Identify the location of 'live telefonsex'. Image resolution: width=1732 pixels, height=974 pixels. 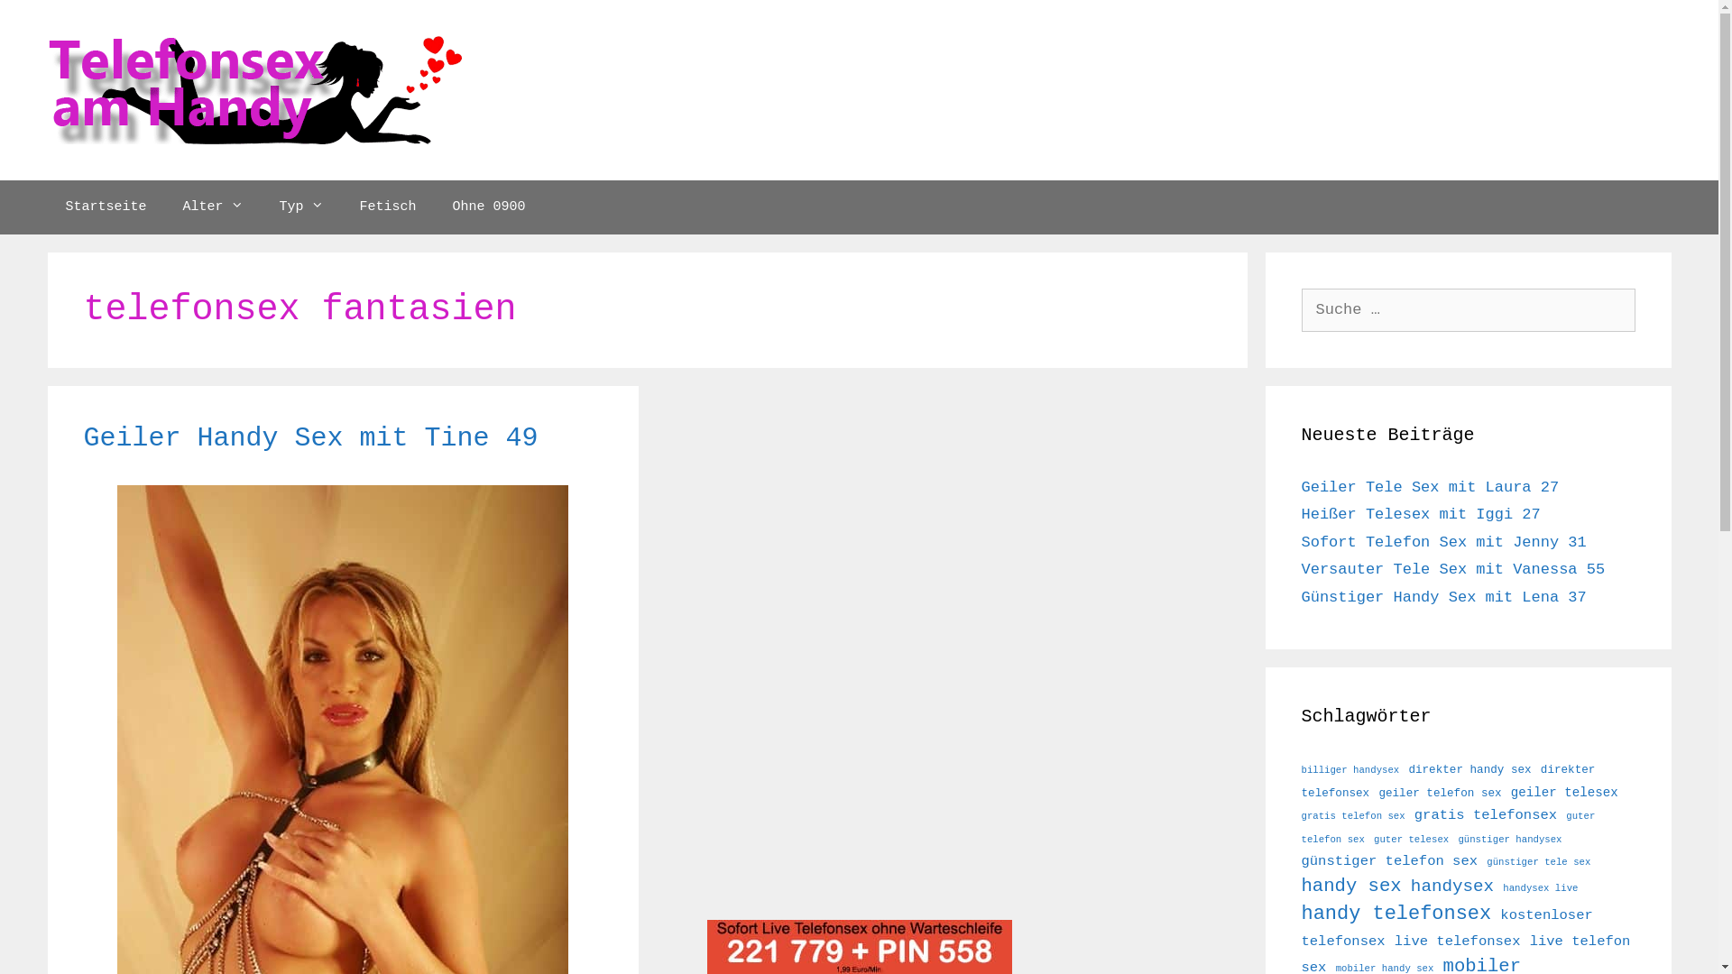
(1393, 941).